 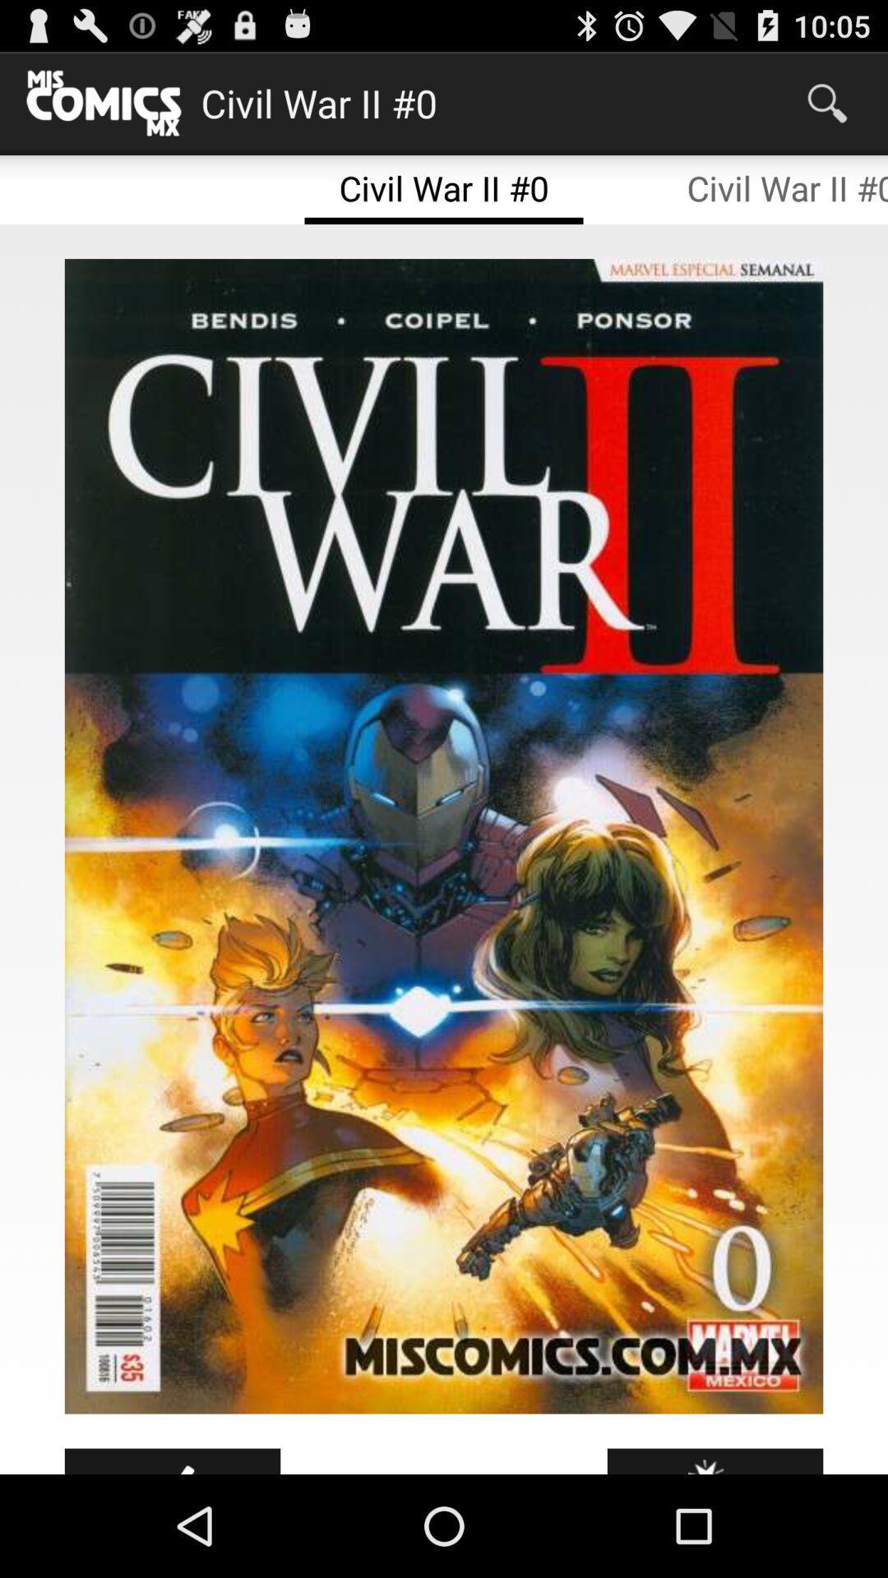 I want to click on icon at the bottom right corner, so click(x=715, y=1461).